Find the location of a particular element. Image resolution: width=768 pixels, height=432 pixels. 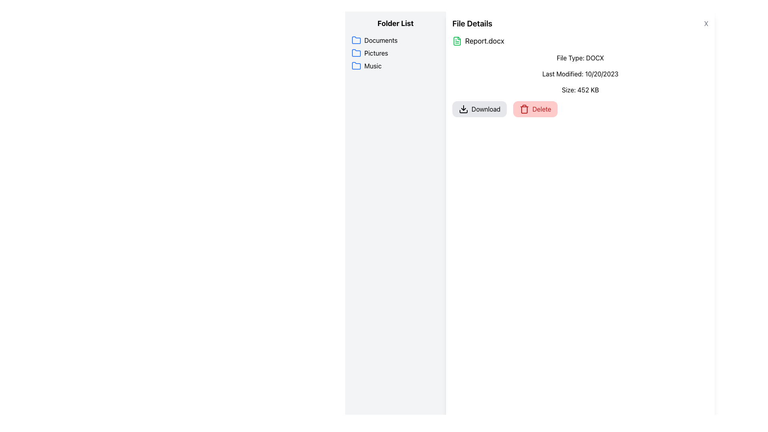

the download icon located within the 'Download' button on the right-hand side of the interface in the 'File Details' section to initiate file download is located at coordinates (463, 111).